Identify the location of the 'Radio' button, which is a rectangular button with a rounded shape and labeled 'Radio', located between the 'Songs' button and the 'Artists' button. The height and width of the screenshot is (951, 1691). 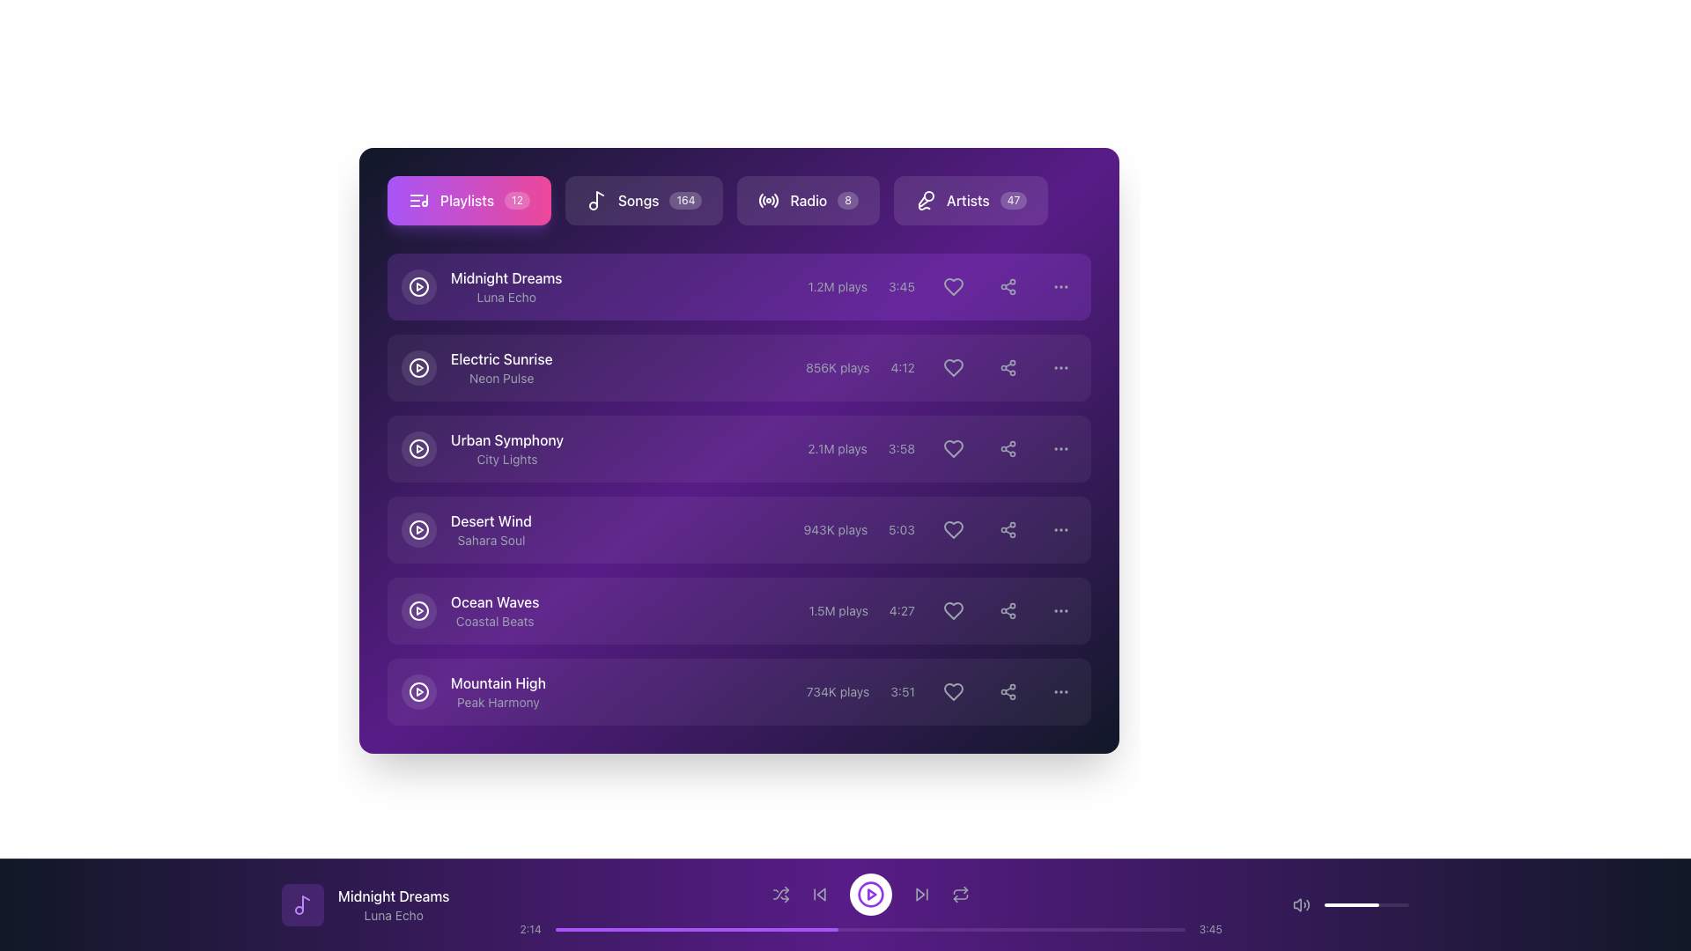
(739, 199).